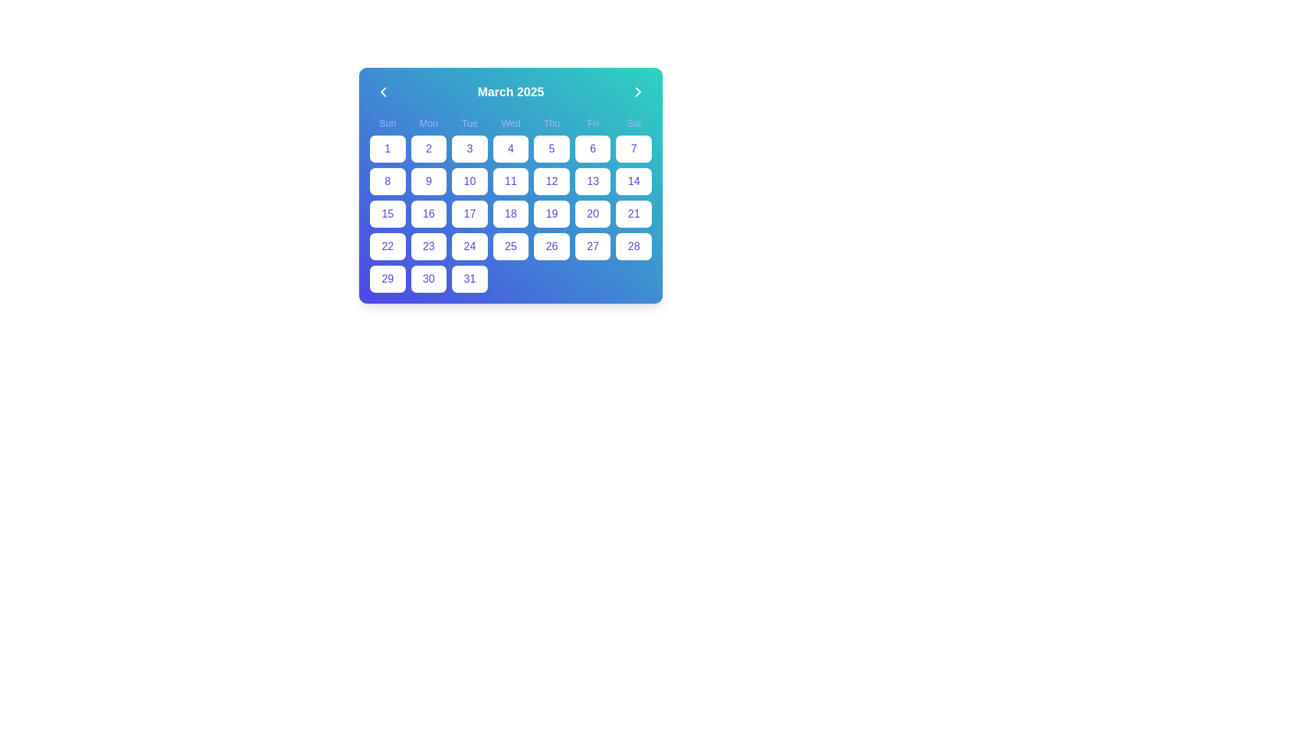 The height and width of the screenshot is (732, 1301). I want to click on the label displaying 'Thu' in indigo typography, which is the fifth item in the row of weekday names in the calendar interface, so click(552, 123).